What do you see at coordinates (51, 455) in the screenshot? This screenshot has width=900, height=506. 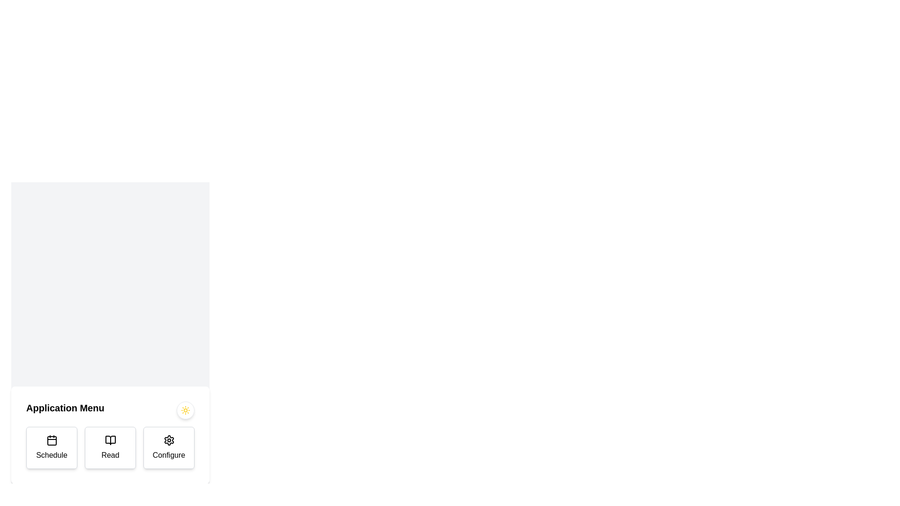 I see `text of the 'Schedule' label which is styled with medium font weight and is part of a button group in the lower-left section of the interface` at bounding box center [51, 455].